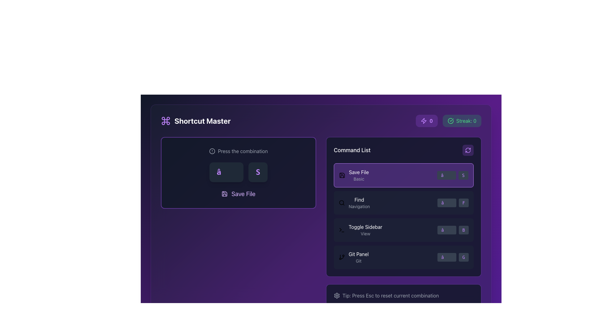 The height and width of the screenshot is (334, 594). I want to click on the composite command button located in the 'Command List' section, positioned in the second row between the 'Save File' and 'Toggle Sidebar' commands, so click(354, 203).